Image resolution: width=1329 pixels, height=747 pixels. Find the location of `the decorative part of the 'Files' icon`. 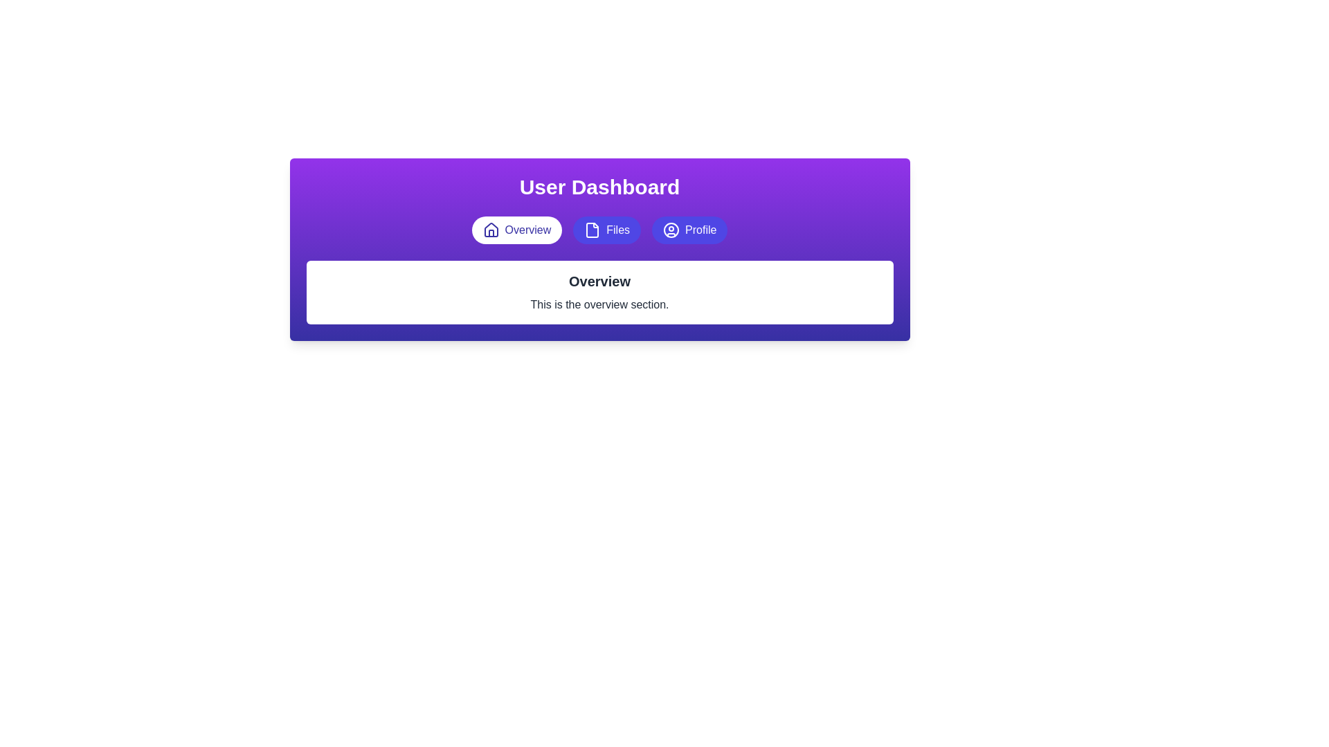

the decorative part of the 'Files' icon is located at coordinates (593, 229).